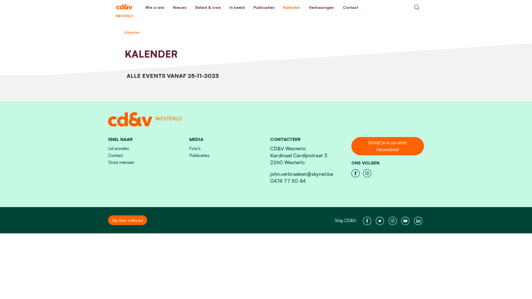 This screenshot has width=532, height=299. What do you see at coordinates (118, 148) in the screenshot?
I see `'Lid worden'` at bounding box center [118, 148].